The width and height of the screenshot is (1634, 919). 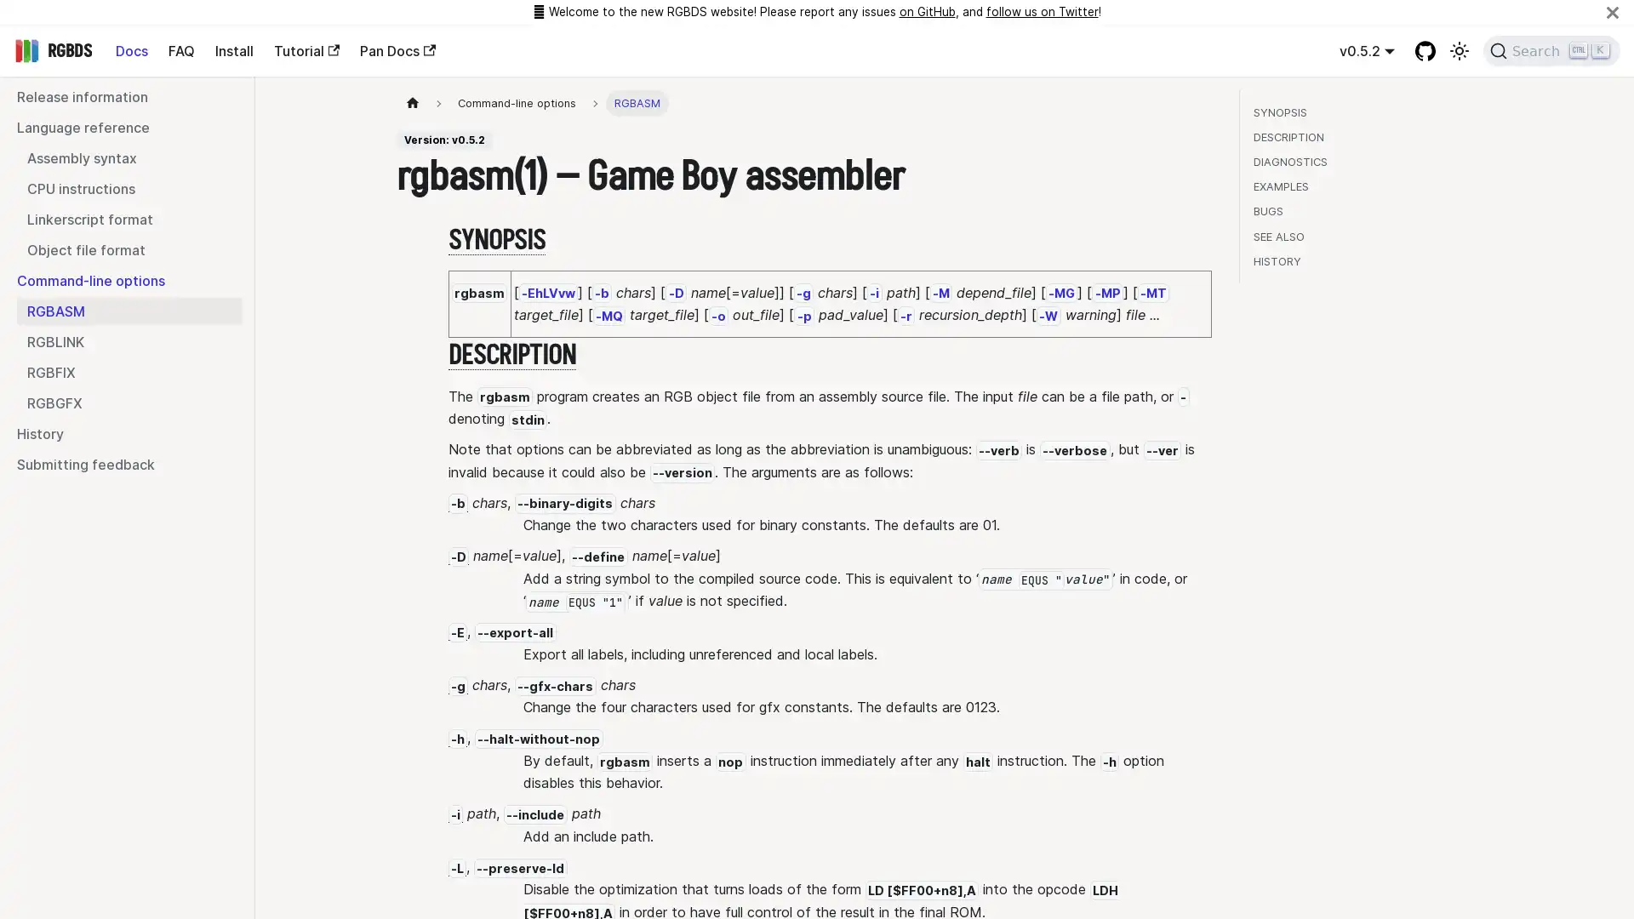 What do you see at coordinates (1458, 50) in the screenshot?
I see `Switch between dark and light mode (currently light mode)` at bounding box center [1458, 50].